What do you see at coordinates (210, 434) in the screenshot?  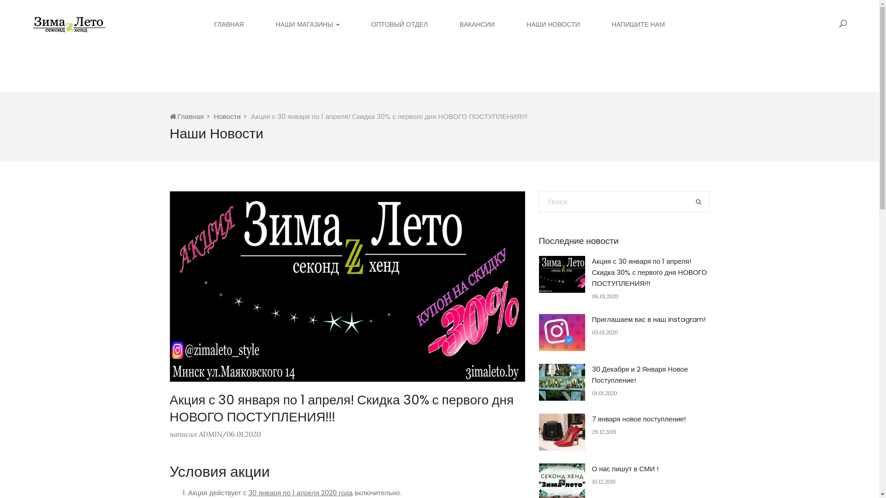 I see `'ADMIN'` at bounding box center [210, 434].